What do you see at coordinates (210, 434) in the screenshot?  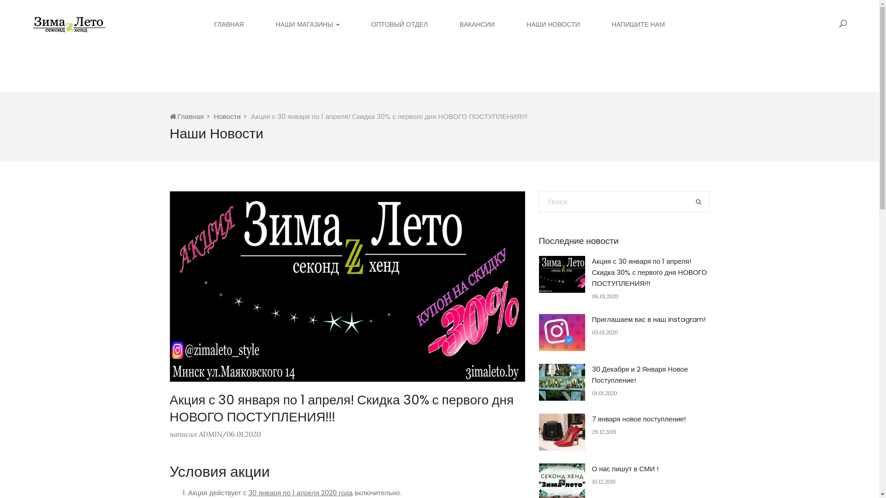 I see `'ADMIN'` at bounding box center [210, 434].